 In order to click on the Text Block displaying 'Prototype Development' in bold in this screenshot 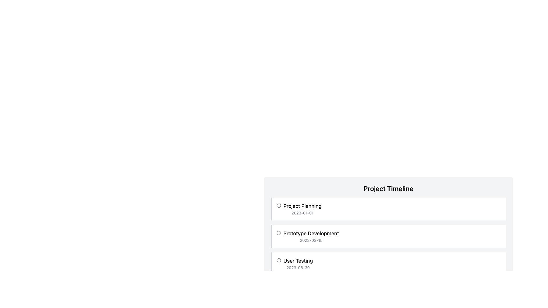, I will do `click(311, 236)`.